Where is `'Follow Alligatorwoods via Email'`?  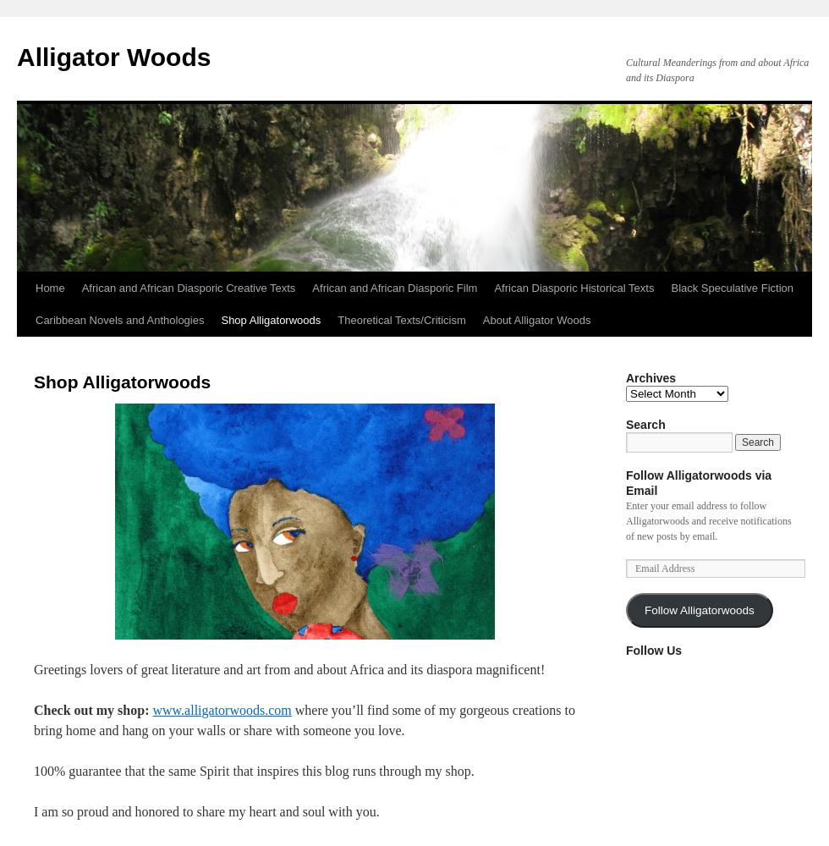 'Follow Alligatorwoods via Email' is located at coordinates (625, 482).